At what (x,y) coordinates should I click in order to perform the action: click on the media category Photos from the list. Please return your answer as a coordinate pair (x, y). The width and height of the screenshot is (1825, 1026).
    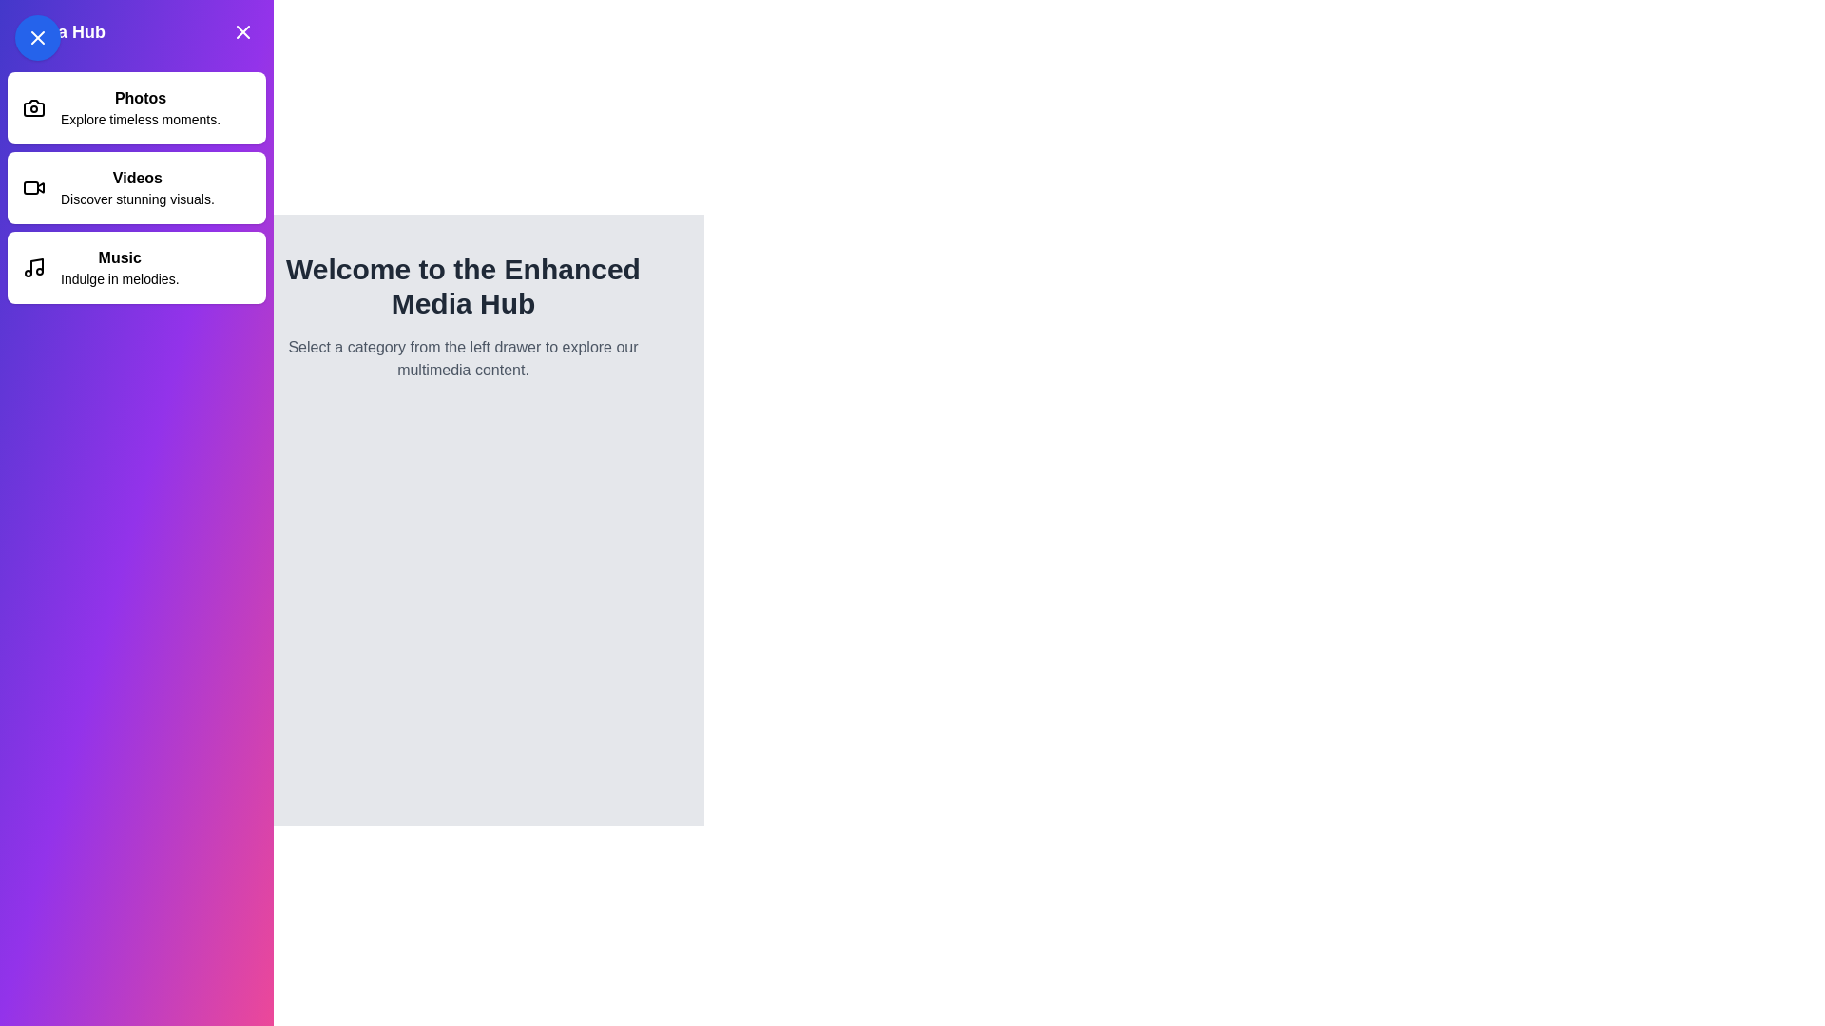
    Looking at the image, I should click on (136, 108).